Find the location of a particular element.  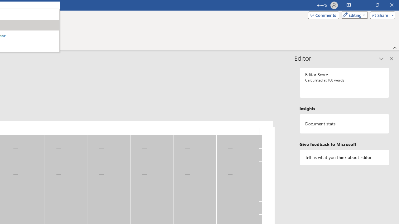

'Document statistics' is located at coordinates (344, 124).